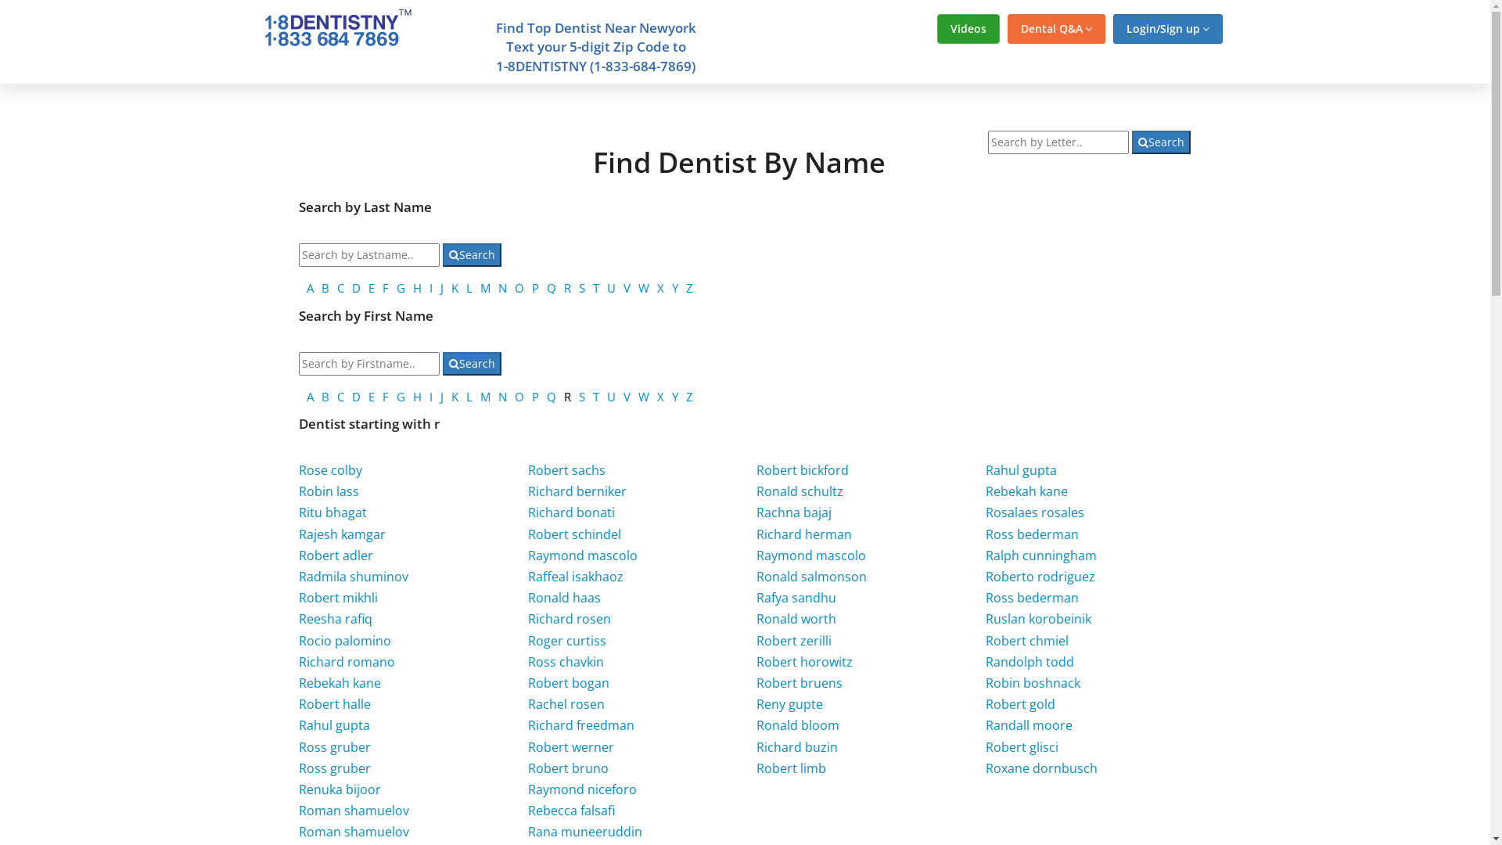 This screenshot has height=845, width=1502. Describe the element at coordinates (1027, 640) in the screenshot. I see `'Robert chmiel'` at that location.